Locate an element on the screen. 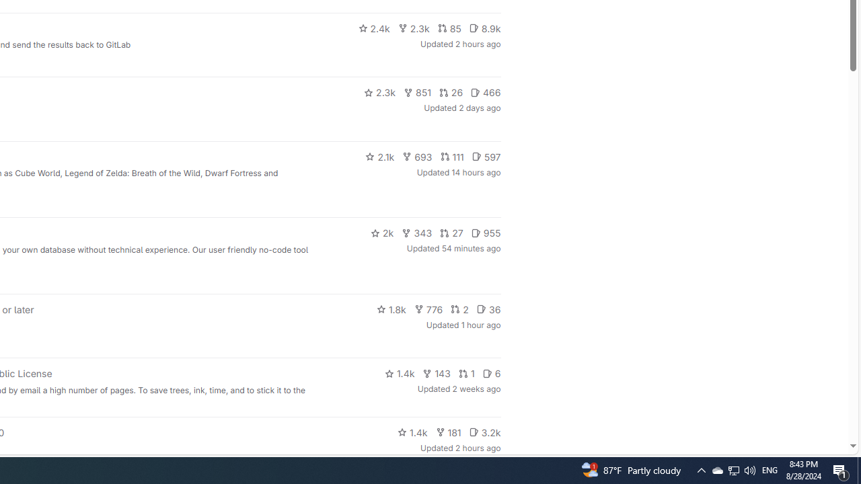 This screenshot has height=484, width=861. '26' is located at coordinates (451, 91).